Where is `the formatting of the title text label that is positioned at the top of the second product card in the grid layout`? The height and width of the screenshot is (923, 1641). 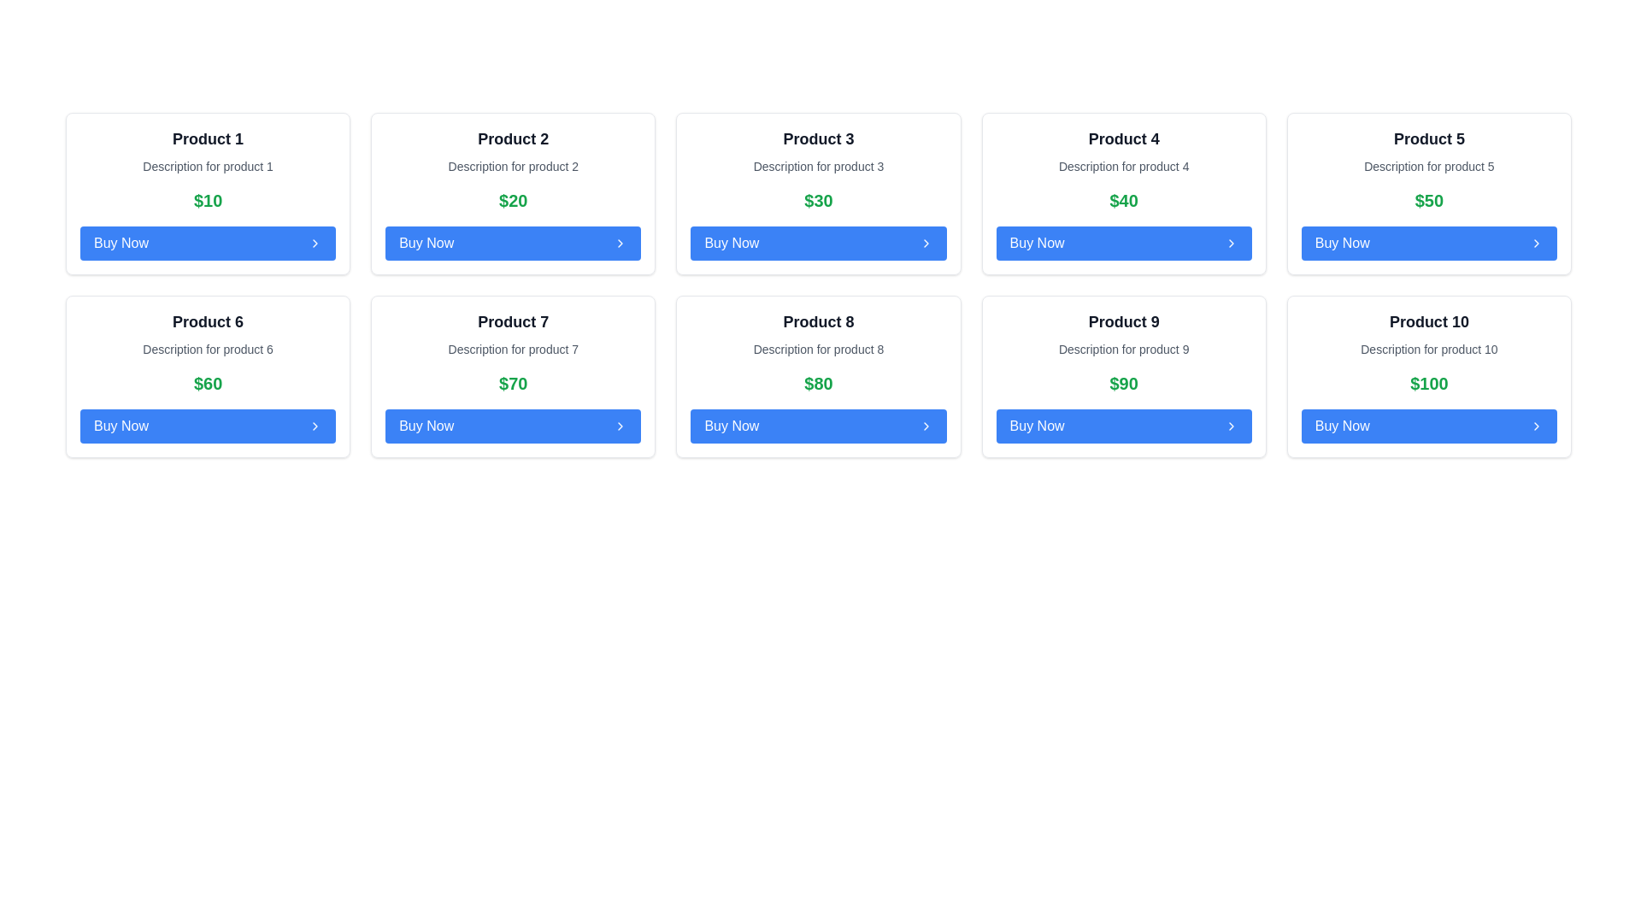
the formatting of the title text label that is positioned at the top of the second product card in the grid layout is located at coordinates (512, 138).